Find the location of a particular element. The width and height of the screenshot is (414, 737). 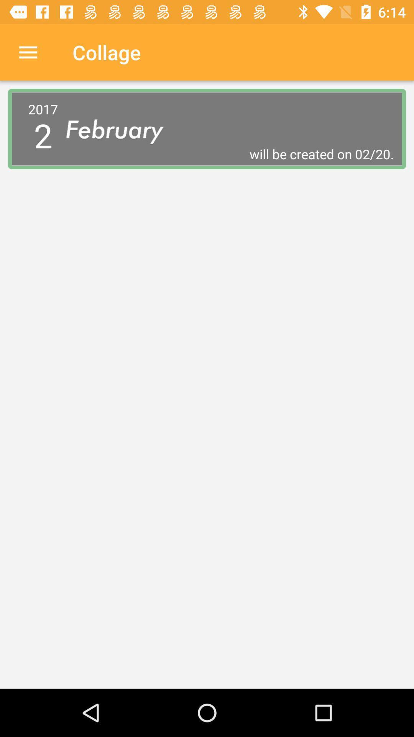

icon to the right of 2017 is located at coordinates (121, 129).